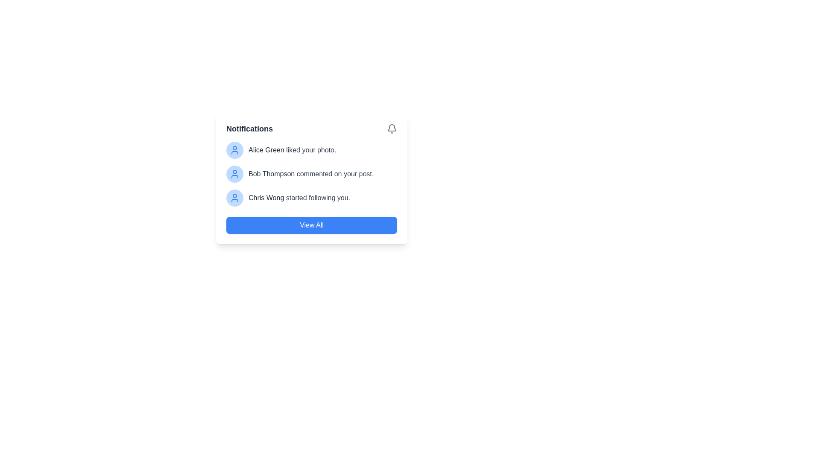 Image resolution: width=820 pixels, height=461 pixels. Describe the element at coordinates (299, 198) in the screenshot. I see `the text label displaying 'Chris Wong started following you.' in the notification list, which is located in the third row below 'Bob Thompson commented on your post.'` at that location.